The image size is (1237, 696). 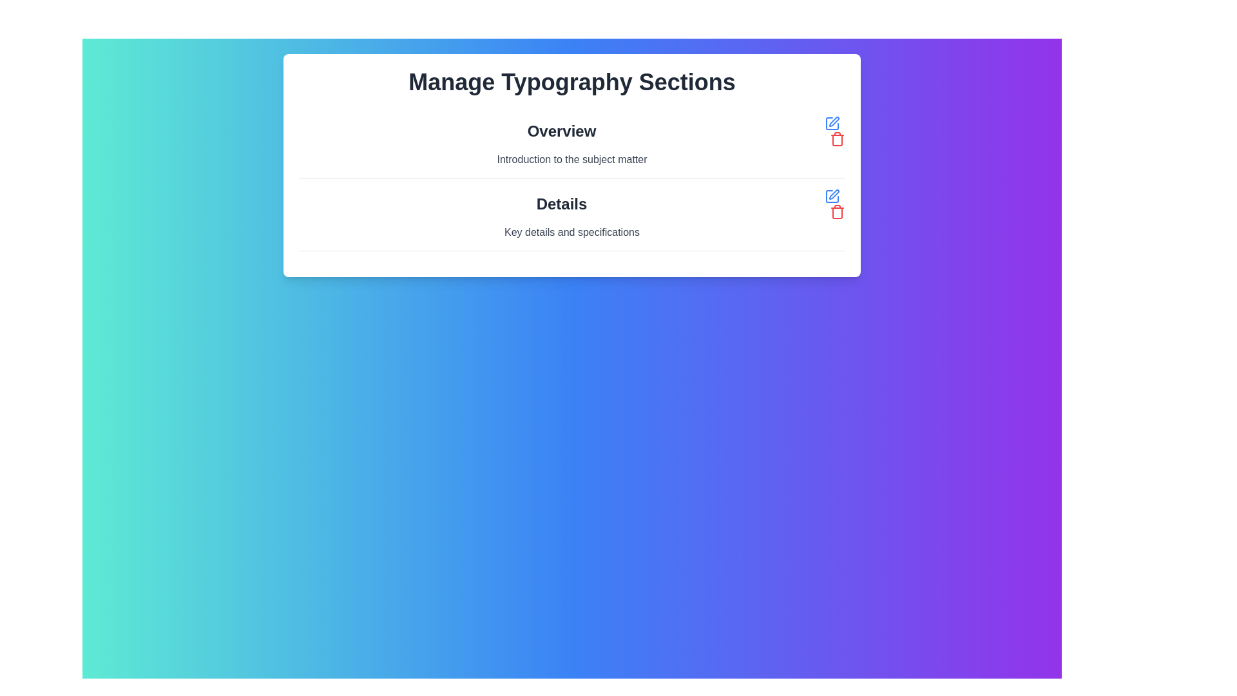 What do you see at coordinates (562, 131) in the screenshot?
I see `the title text label that serves as a heading for the subsection, positioned at the top of the card layout and centrally aligned` at bounding box center [562, 131].